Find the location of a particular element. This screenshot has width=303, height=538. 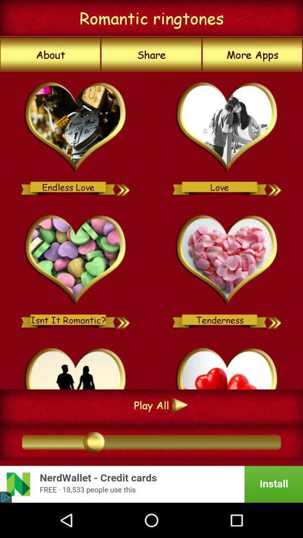

reproduce ringtone is located at coordinates (123, 319).